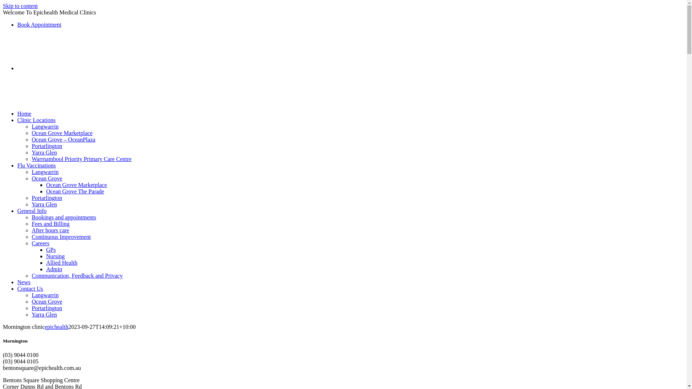 The image size is (692, 389). I want to click on 'News', so click(17, 282).